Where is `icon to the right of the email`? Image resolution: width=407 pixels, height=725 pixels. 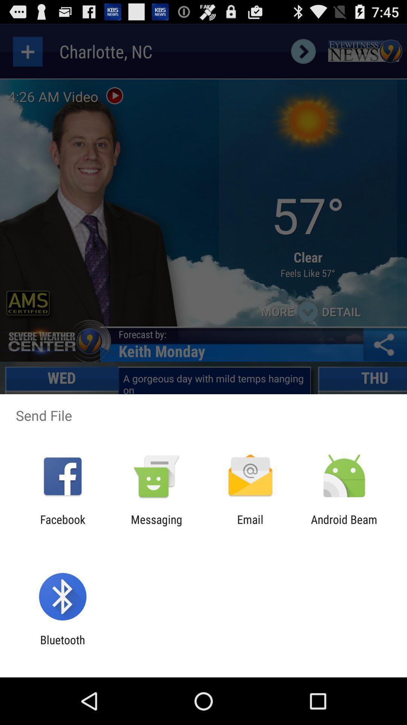
icon to the right of the email is located at coordinates (344, 526).